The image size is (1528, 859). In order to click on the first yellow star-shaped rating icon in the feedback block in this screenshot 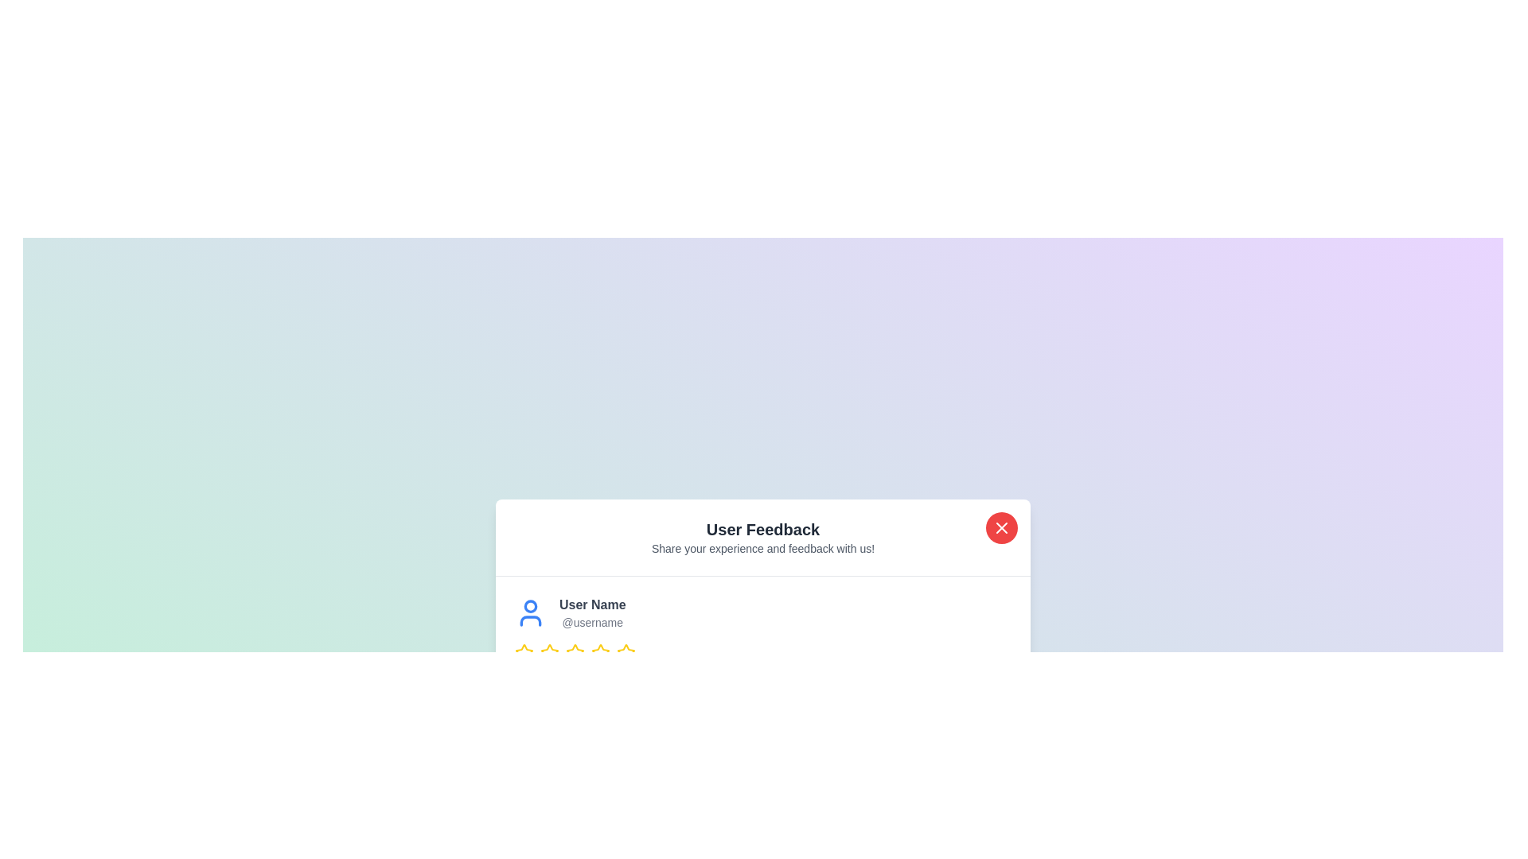, I will do `click(524, 652)`.